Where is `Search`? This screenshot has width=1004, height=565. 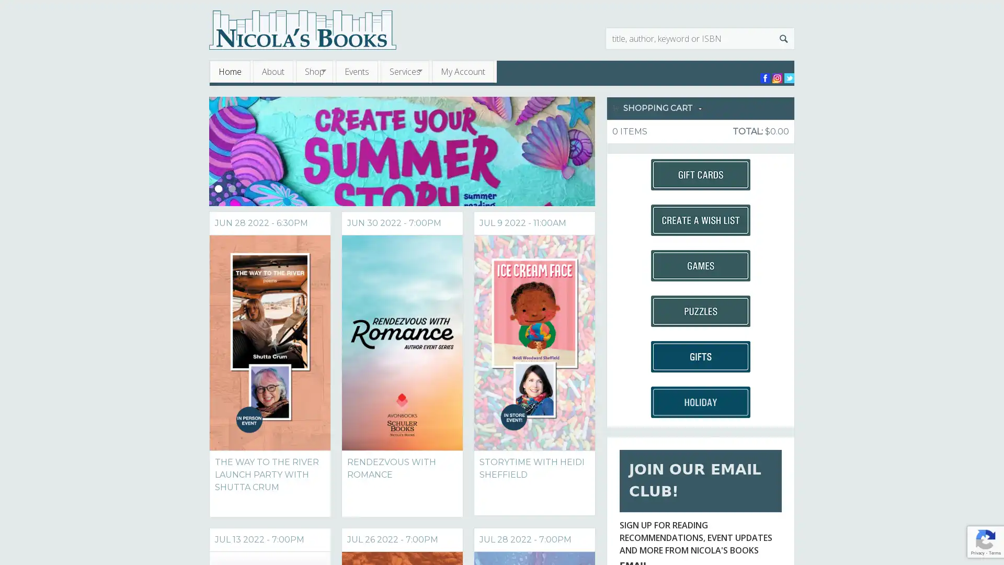 Search is located at coordinates (783, 38).